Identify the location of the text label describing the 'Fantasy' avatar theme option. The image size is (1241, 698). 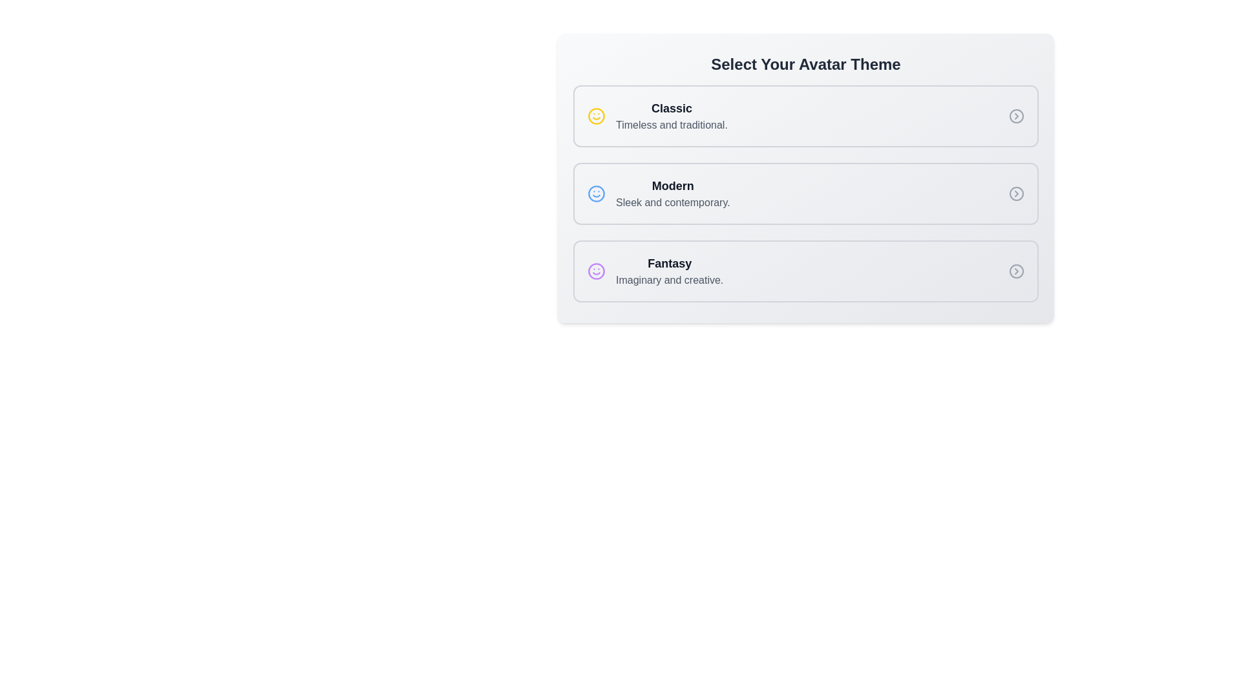
(670, 280).